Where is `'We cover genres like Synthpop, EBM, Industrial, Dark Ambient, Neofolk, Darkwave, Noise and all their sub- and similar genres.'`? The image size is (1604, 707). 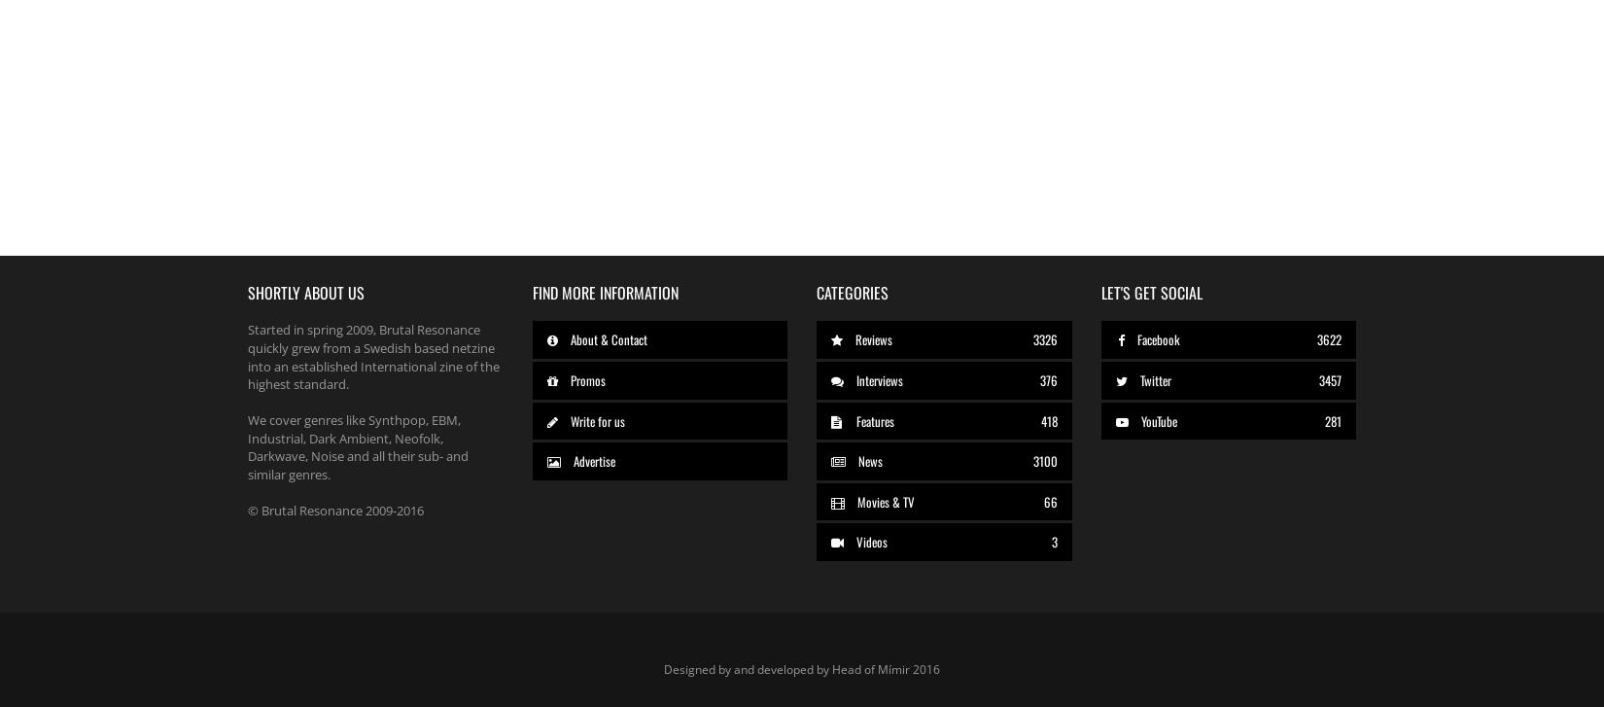 'We cover genres like Synthpop, EBM, Industrial, Dark Ambient, Neofolk, Darkwave, Noise and all their sub- and similar genres.' is located at coordinates (358, 445).